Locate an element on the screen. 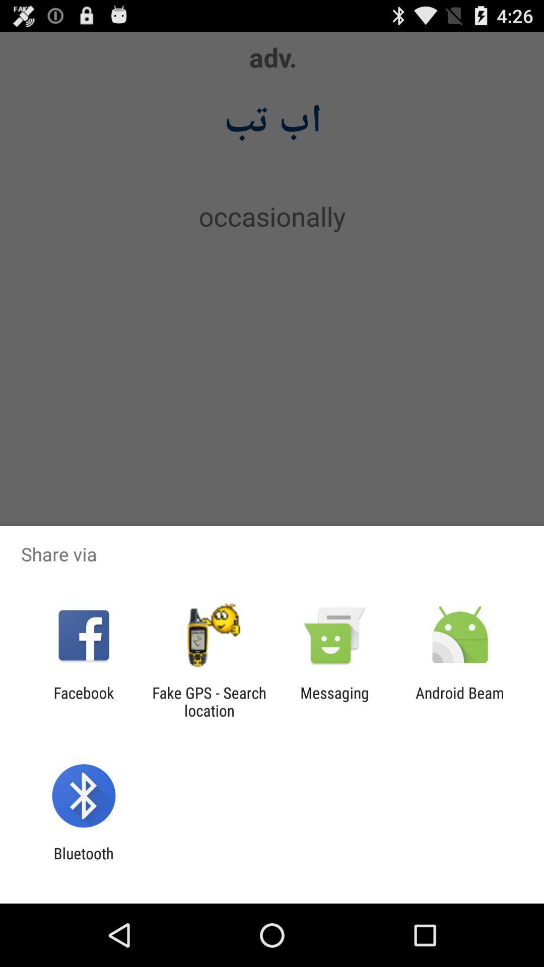 This screenshot has width=544, height=967. app next to the fake gps search item is located at coordinates (334, 701).